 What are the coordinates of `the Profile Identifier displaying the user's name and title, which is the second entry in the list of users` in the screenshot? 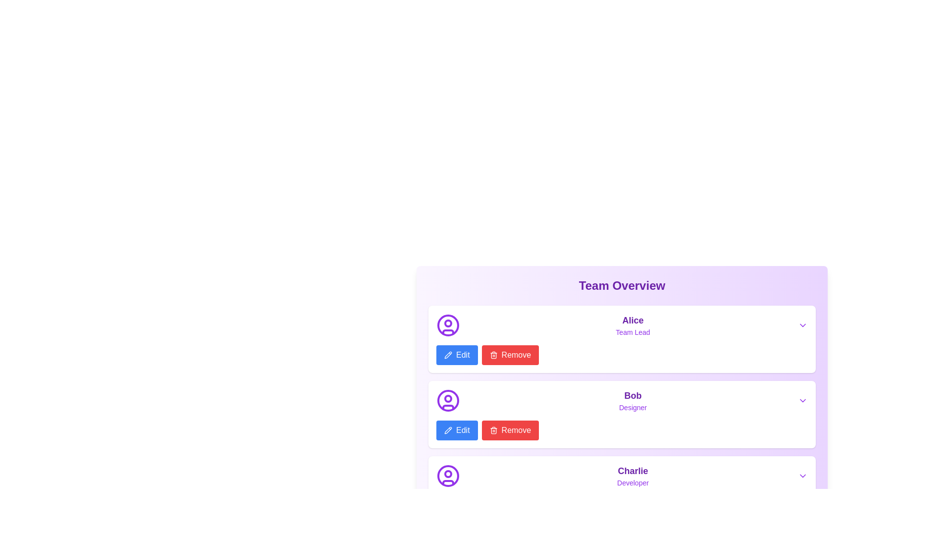 It's located at (622, 400).